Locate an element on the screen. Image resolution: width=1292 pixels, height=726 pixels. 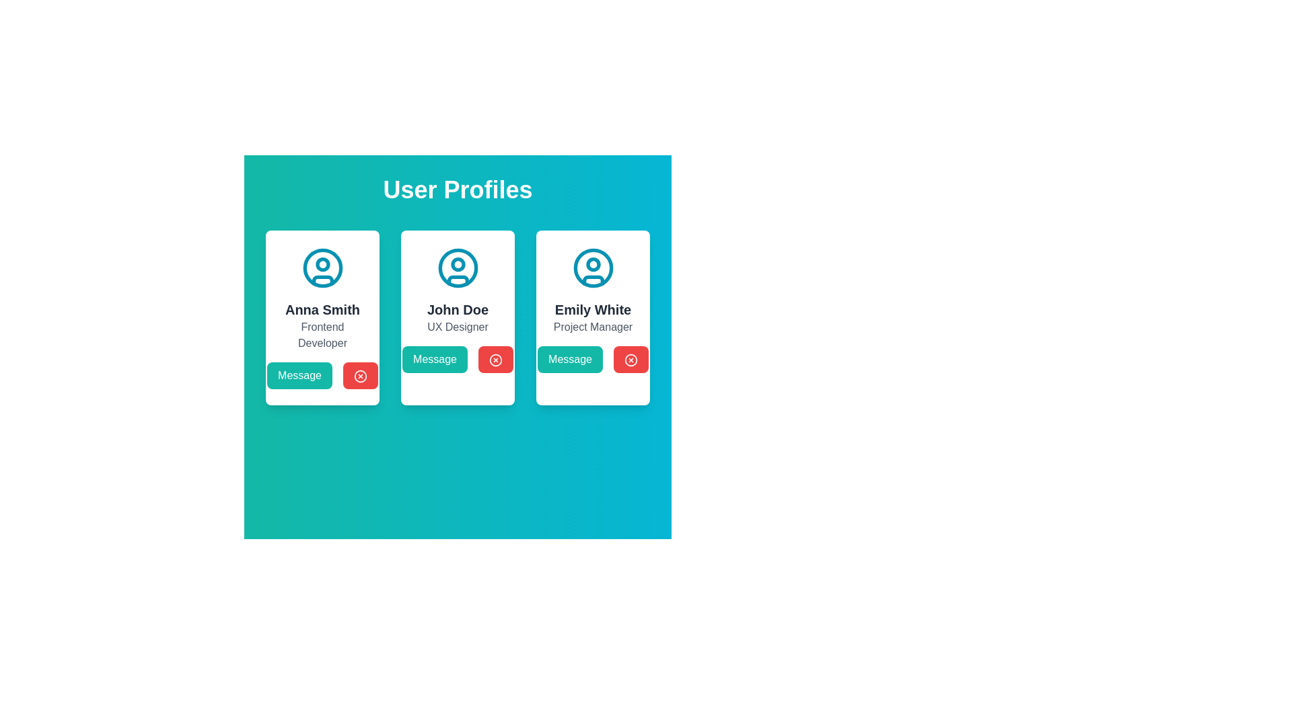
the Profile icon (SVG graphic) representing user Emily White, located at the top center of the third user profile card from the left in a row of three horizontal cards is located at coordinates (592, 268).